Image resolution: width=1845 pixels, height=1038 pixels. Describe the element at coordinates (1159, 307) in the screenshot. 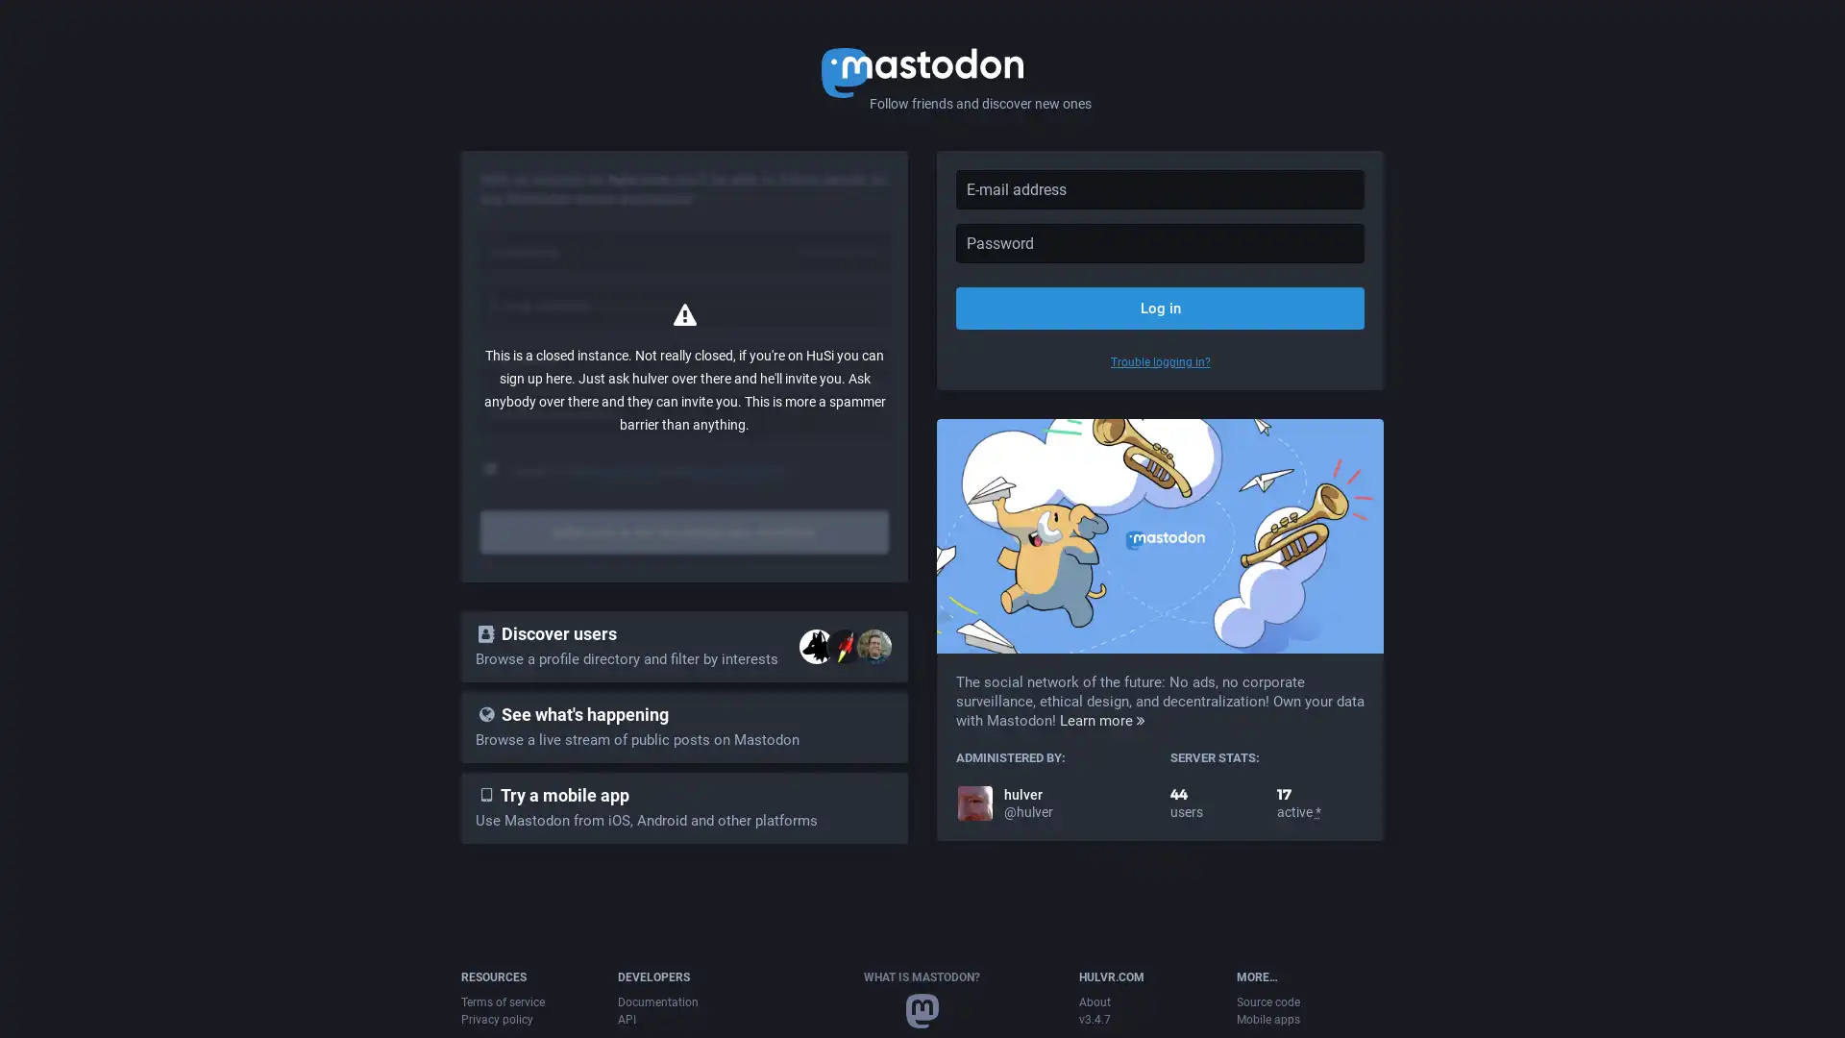

I see `Log in` at that location.